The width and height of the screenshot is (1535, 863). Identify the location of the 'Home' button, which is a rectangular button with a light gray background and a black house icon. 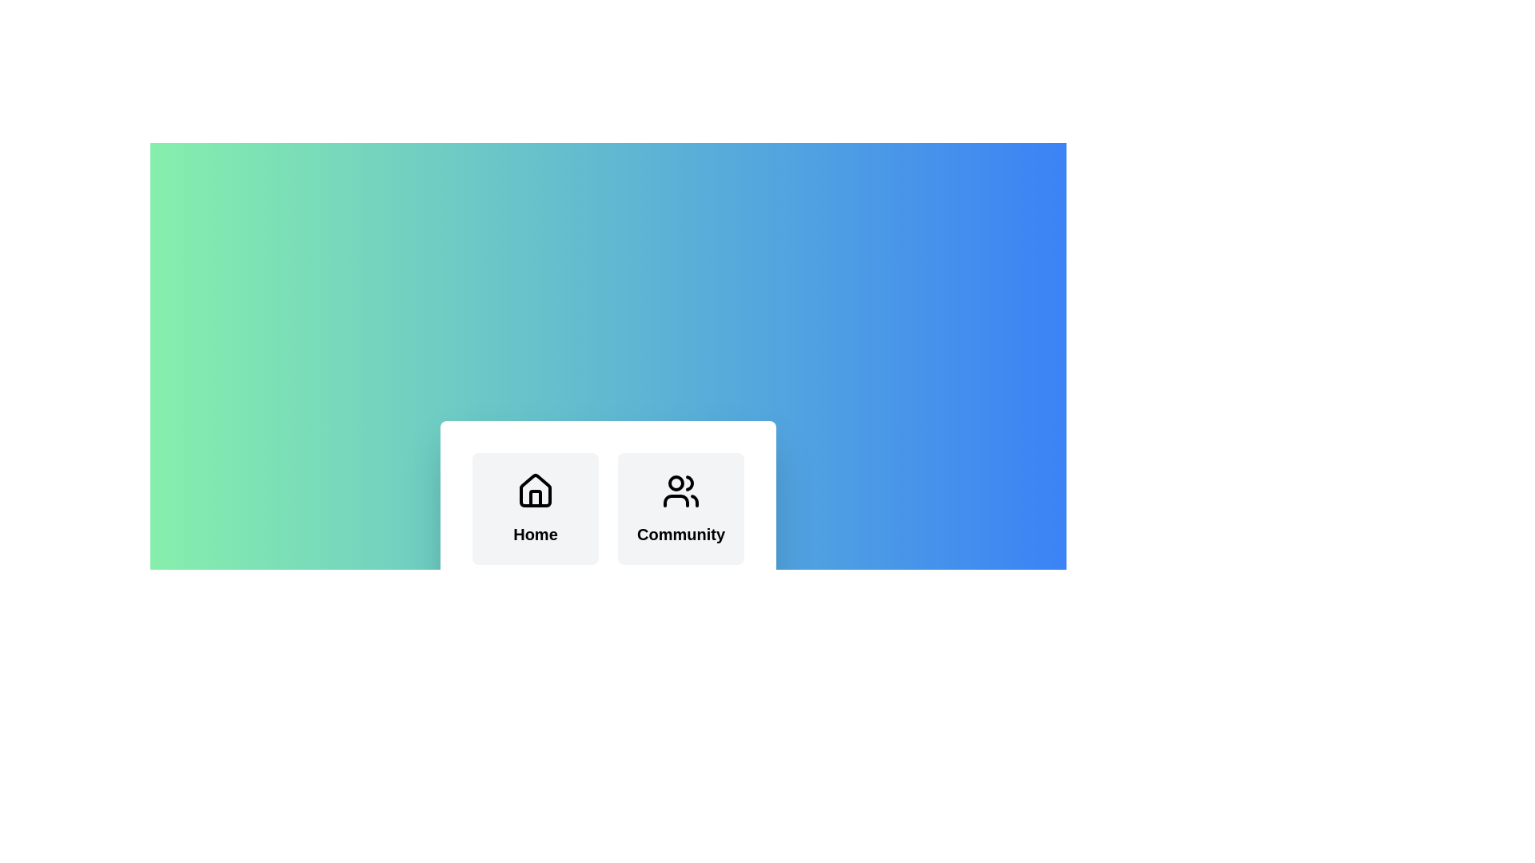
(536, 508).